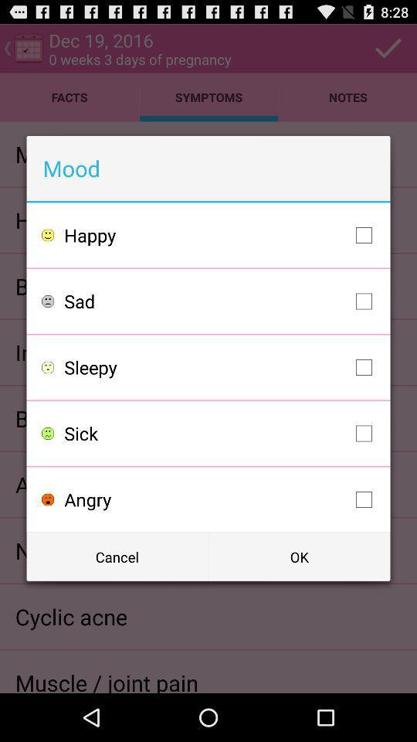  I want to click on the angry item, so click(221, 499).